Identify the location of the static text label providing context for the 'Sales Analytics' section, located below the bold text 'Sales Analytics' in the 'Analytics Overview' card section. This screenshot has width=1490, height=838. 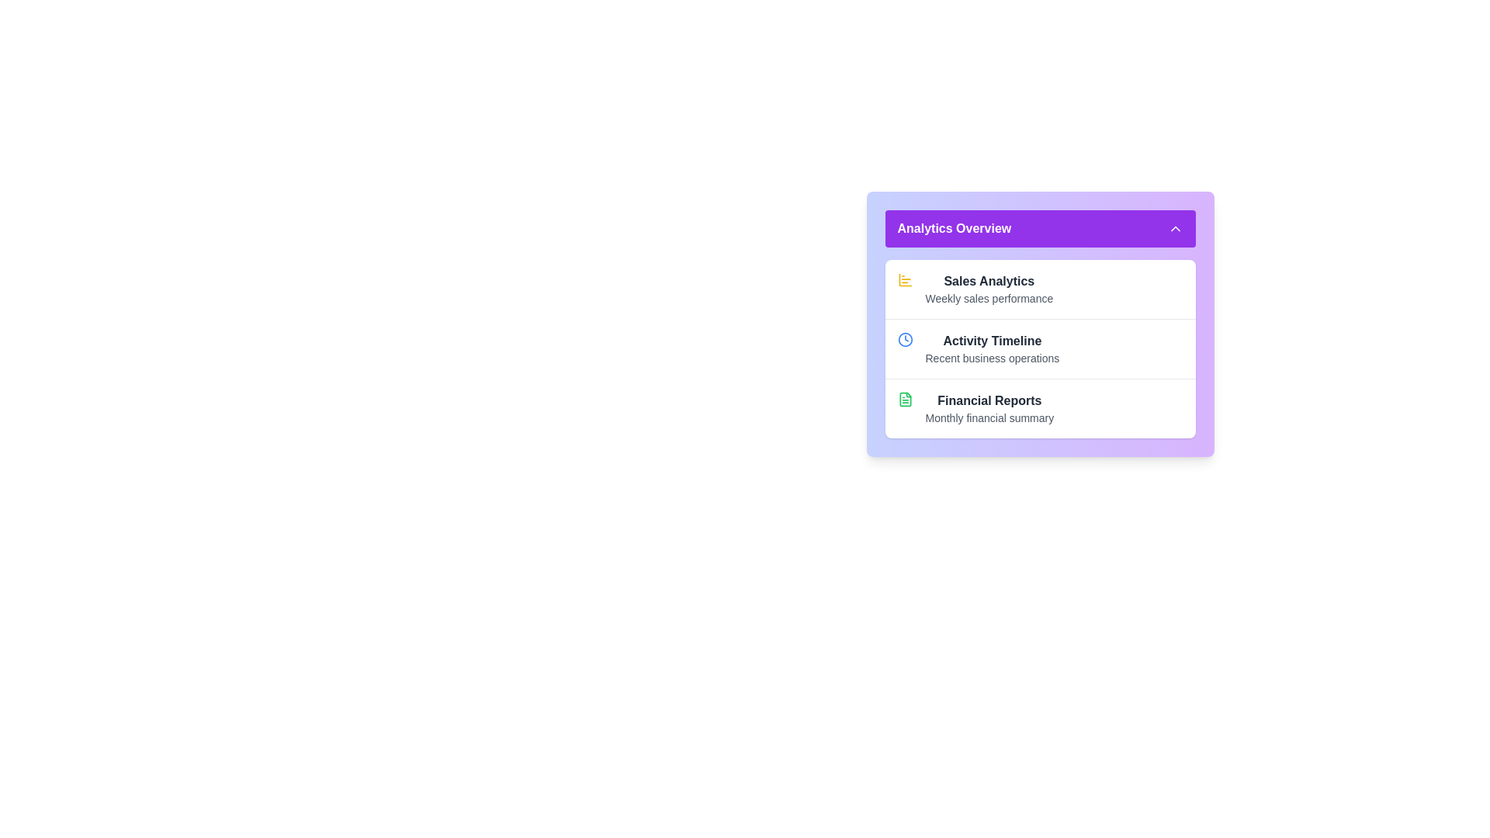
(988, 299).